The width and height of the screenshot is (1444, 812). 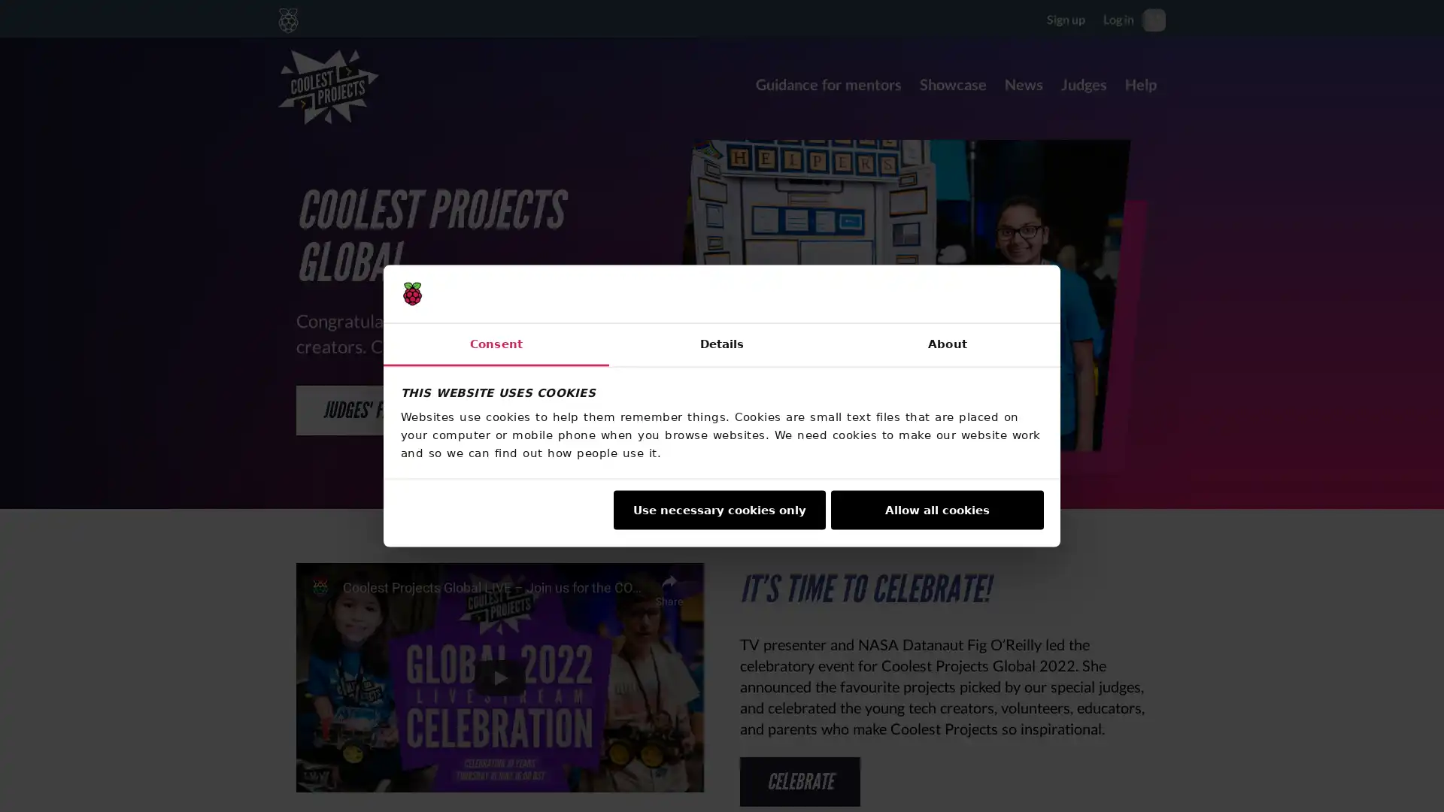 What do you see at coordinates (1065, 18) in the screenshot?
I see `Sign up` at bounding box center [1065, 18].